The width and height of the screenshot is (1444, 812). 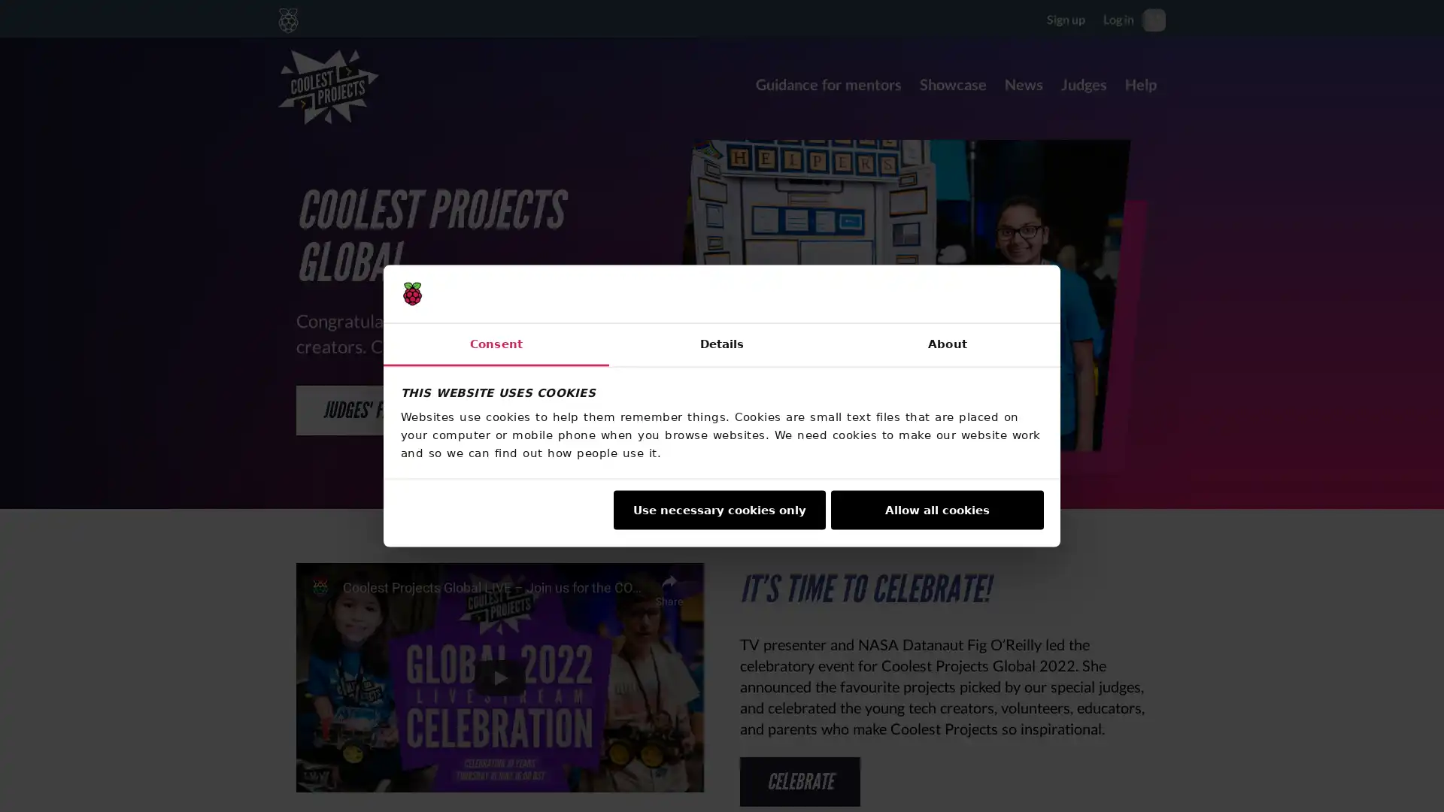 What do you see at coordinates (1065, 18) in the screenshot?
I see `Sign up` at bounding box center [1065, 18].